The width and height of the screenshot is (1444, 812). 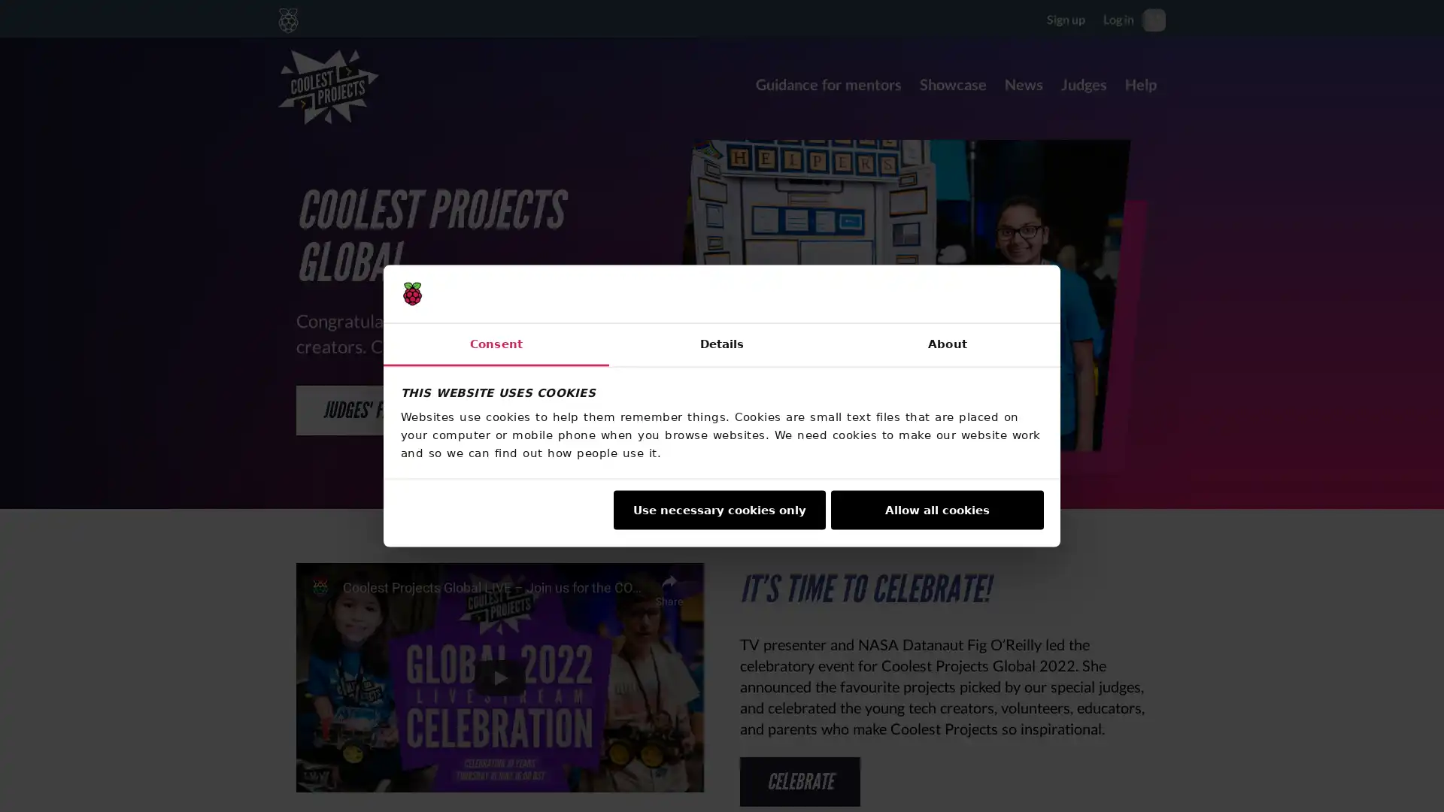 What do you see at coordinates (1065, 18) in the screenshot?
I see `Sign up` at bounding box center [1065, 18].